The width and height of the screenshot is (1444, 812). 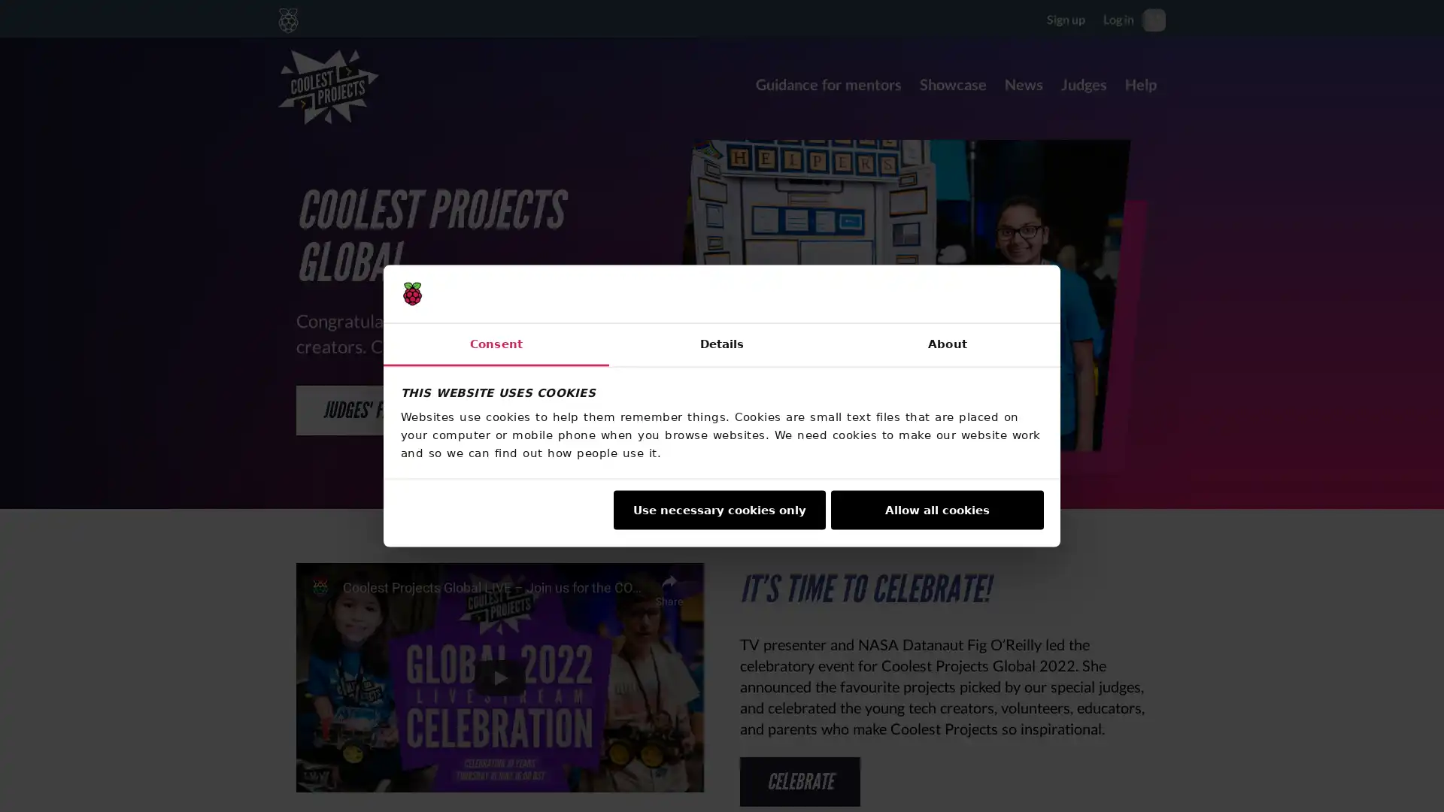 What do you see at coordinates (1065, 18) in the screenshot?
I see `Sign up` at bounding box center [1065, 18].